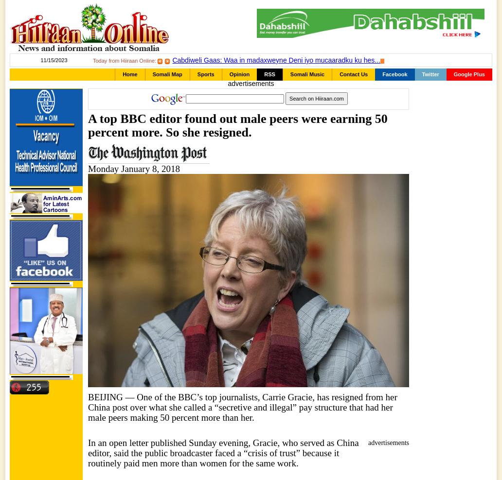 The width and height of the screenshot is (502, 480). Describe the element at coordinates (196, 74) in the screenshot. I see `'Sports'` at that location.